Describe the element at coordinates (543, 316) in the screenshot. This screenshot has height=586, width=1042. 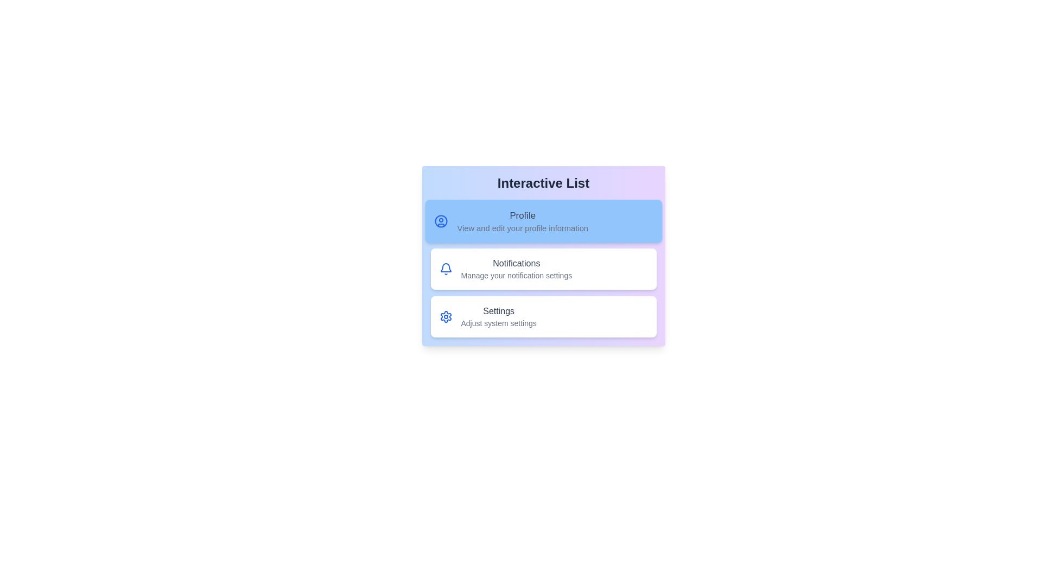
I see `the list item corresponding to Settings` at that location.